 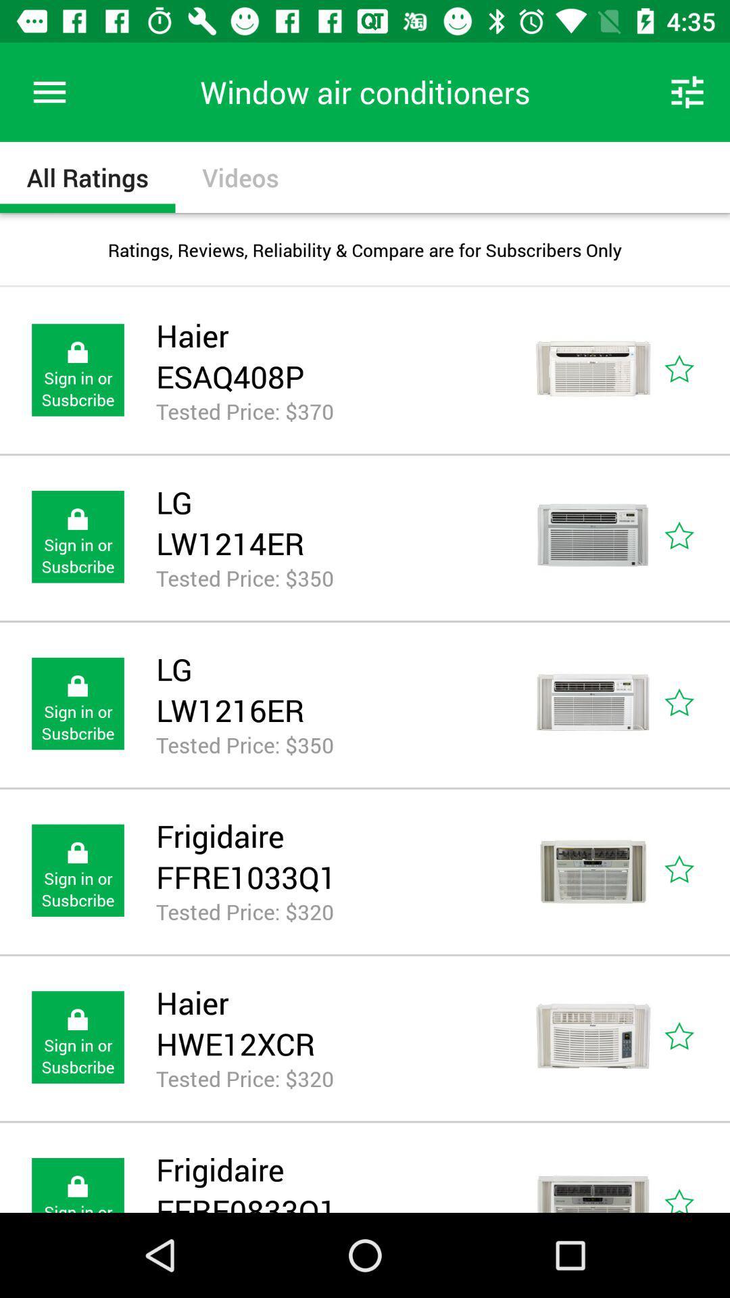 I want to click on item to the right of window air conditioners, so click(x=687, y=91).